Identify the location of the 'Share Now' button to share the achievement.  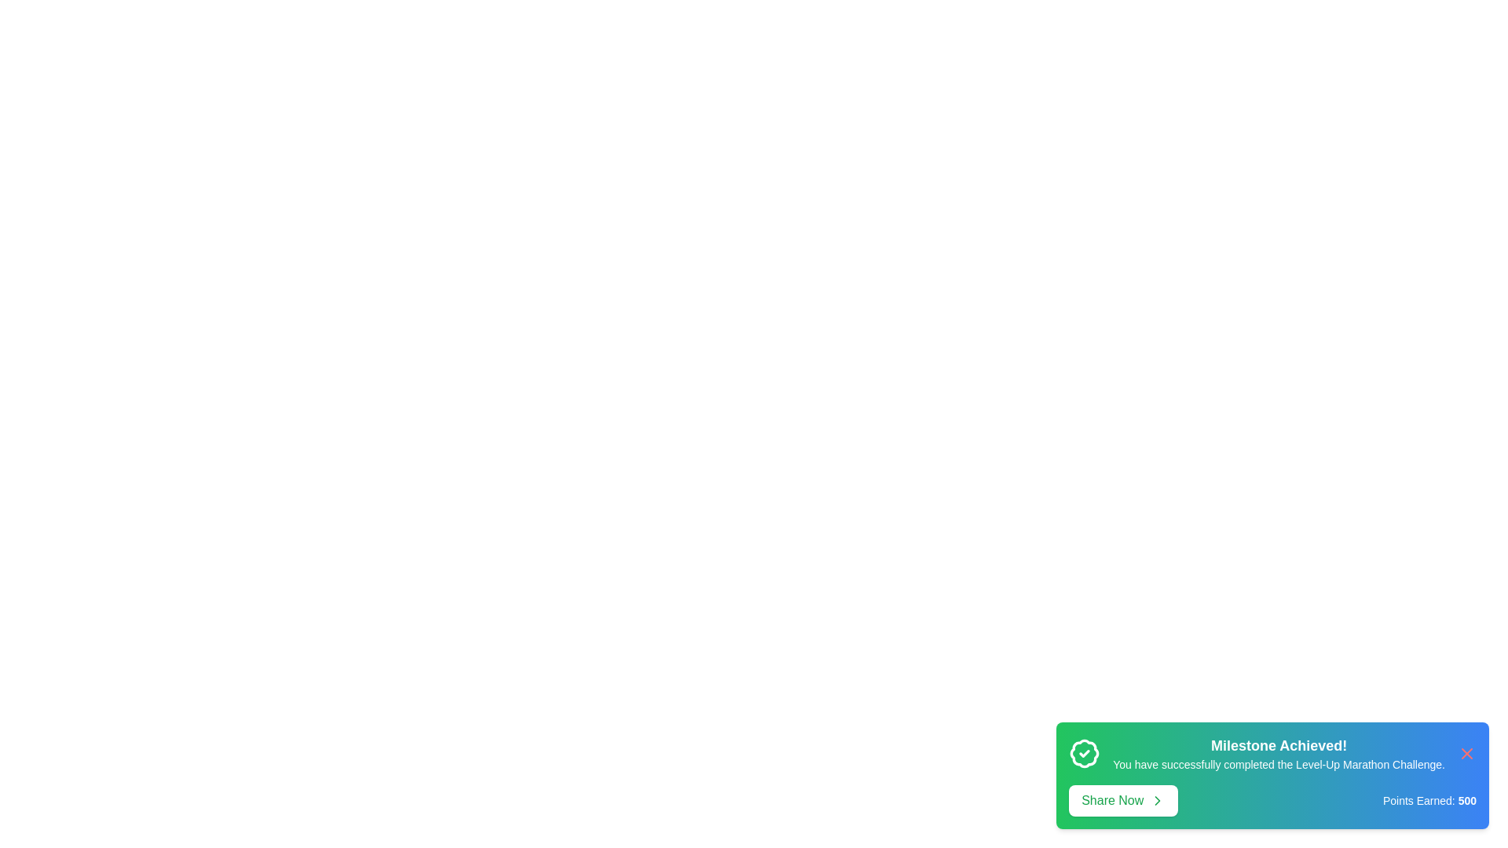
(1122, 800).